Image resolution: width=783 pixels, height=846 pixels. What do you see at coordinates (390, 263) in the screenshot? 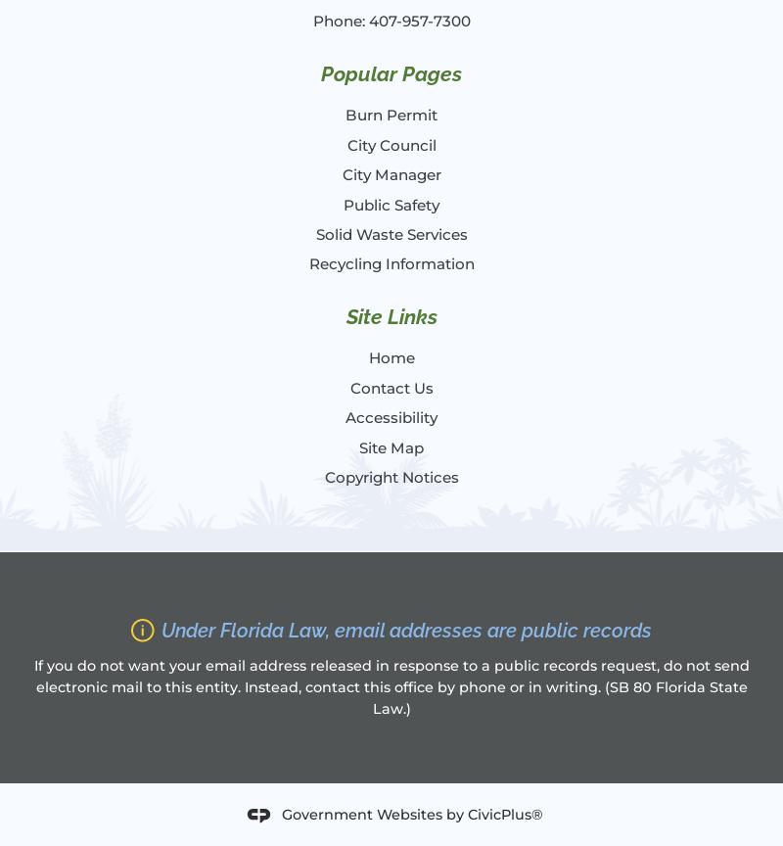
I see `'Recycling Information'` at bounding box center [390, 263].